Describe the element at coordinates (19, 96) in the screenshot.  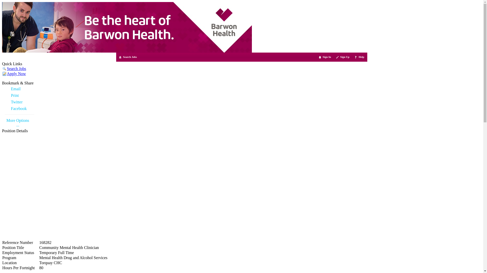
I see `'Print'` at that location.